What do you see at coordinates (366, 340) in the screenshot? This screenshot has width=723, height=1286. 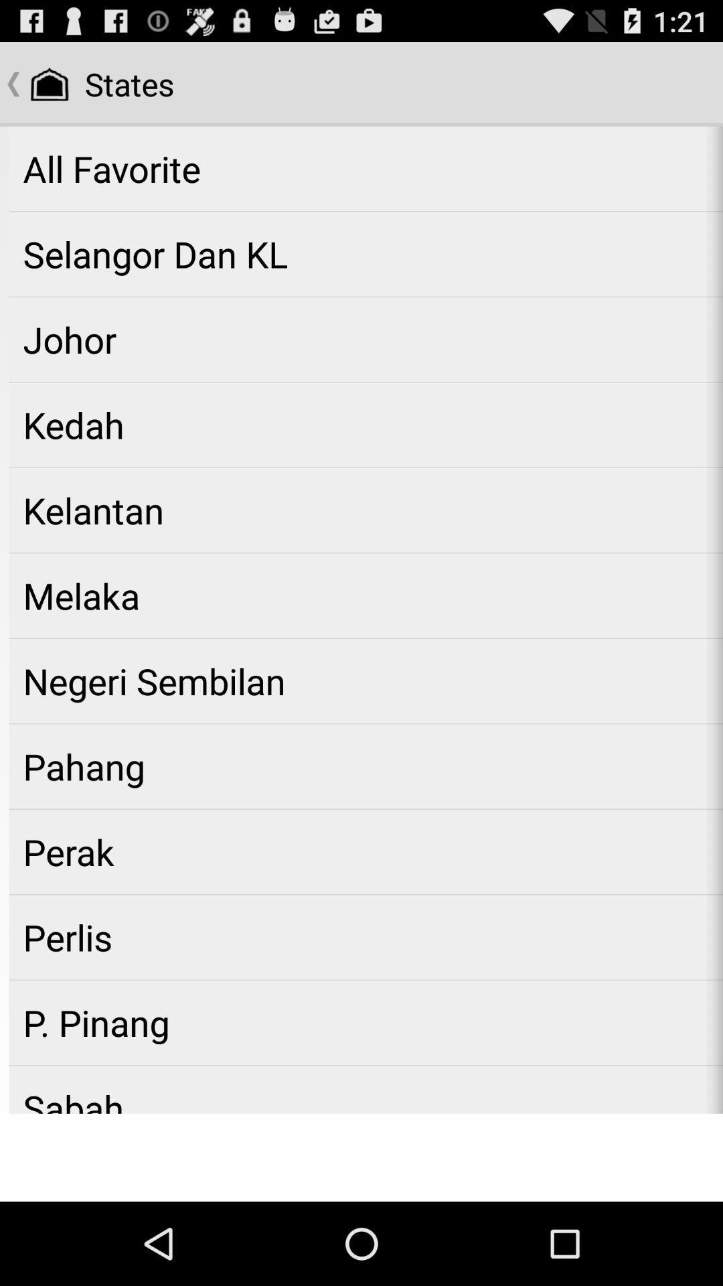 I see `app below selangor dan kl icon` at bounding box center [366, 340].